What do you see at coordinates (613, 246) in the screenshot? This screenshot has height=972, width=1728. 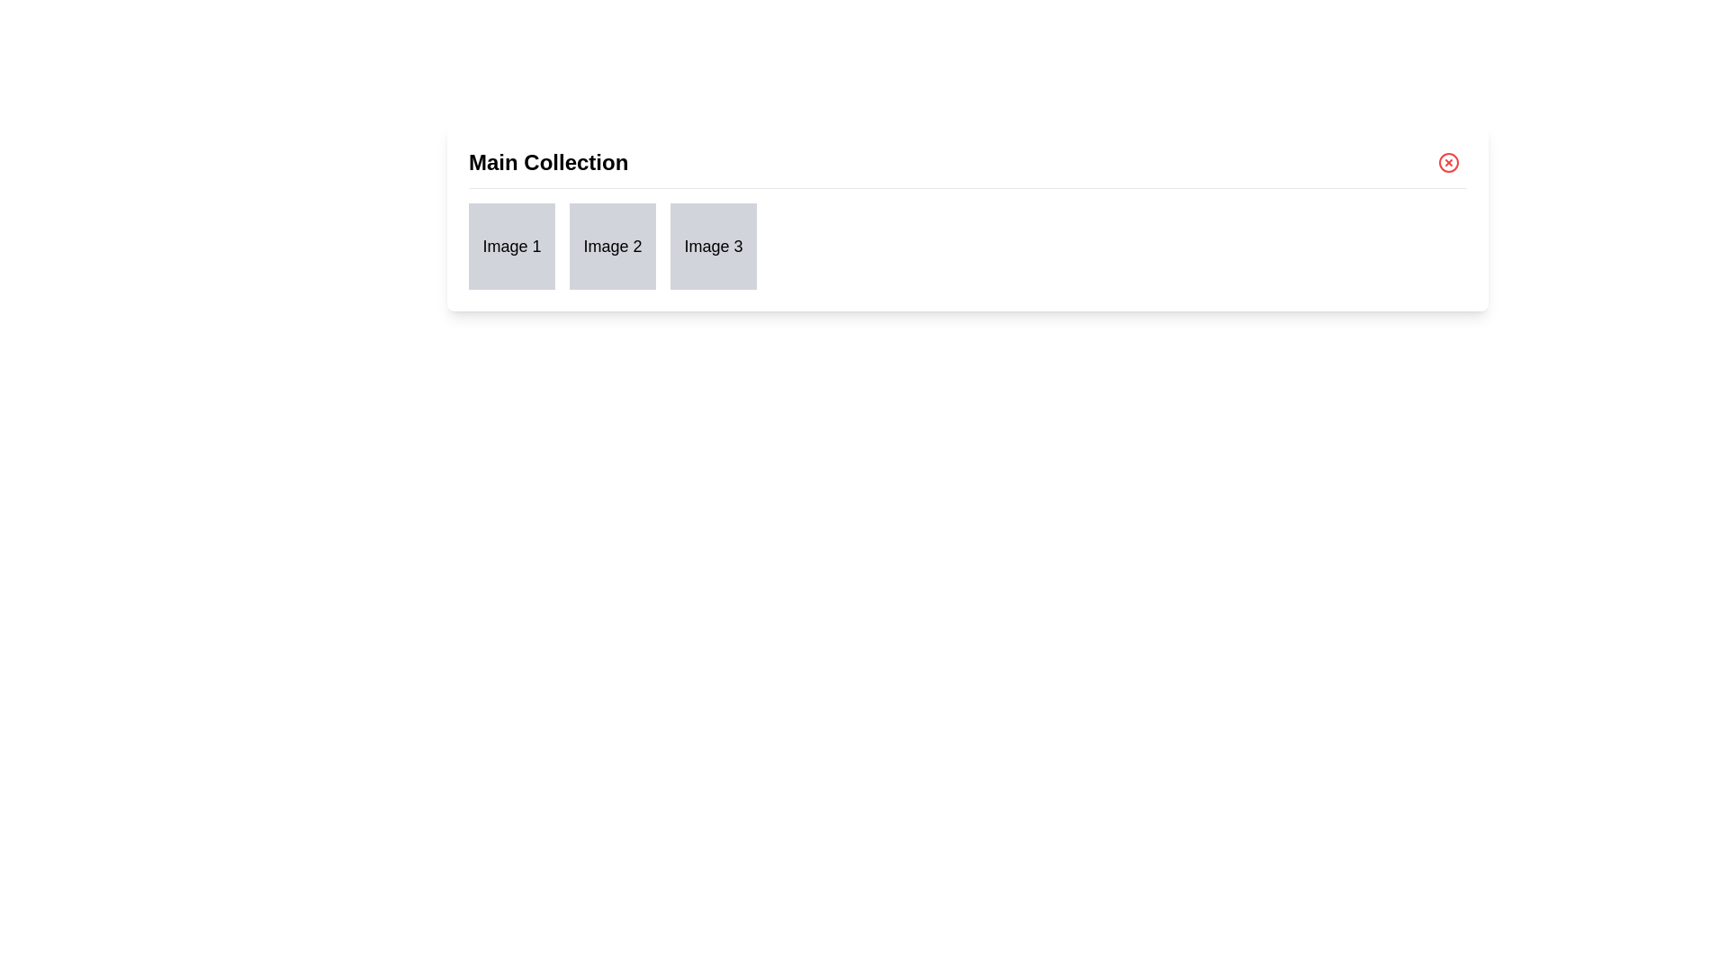 I see `the gray square button labeled 'Image 2'` at bounding box center [613, 246].